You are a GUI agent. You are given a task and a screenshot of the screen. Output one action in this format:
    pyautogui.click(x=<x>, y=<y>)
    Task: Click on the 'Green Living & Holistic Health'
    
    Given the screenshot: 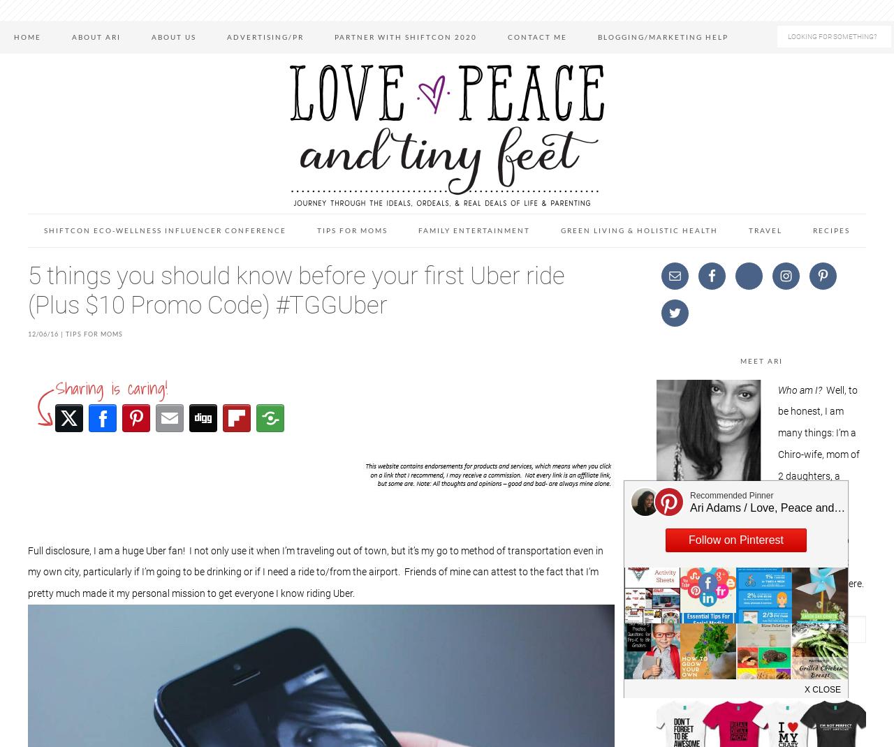 What is the action you would take?
    pyautogui.click(x=638, y=230)
    